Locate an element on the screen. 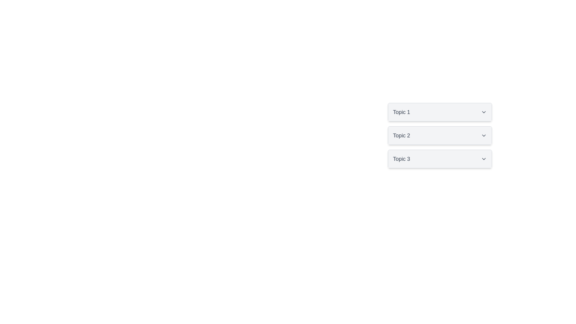 This screenshot has height=324, width=576. the chevron-down icon located at the rightmost edge of the 'Topic 3' button is located at coordinates (484, 158).